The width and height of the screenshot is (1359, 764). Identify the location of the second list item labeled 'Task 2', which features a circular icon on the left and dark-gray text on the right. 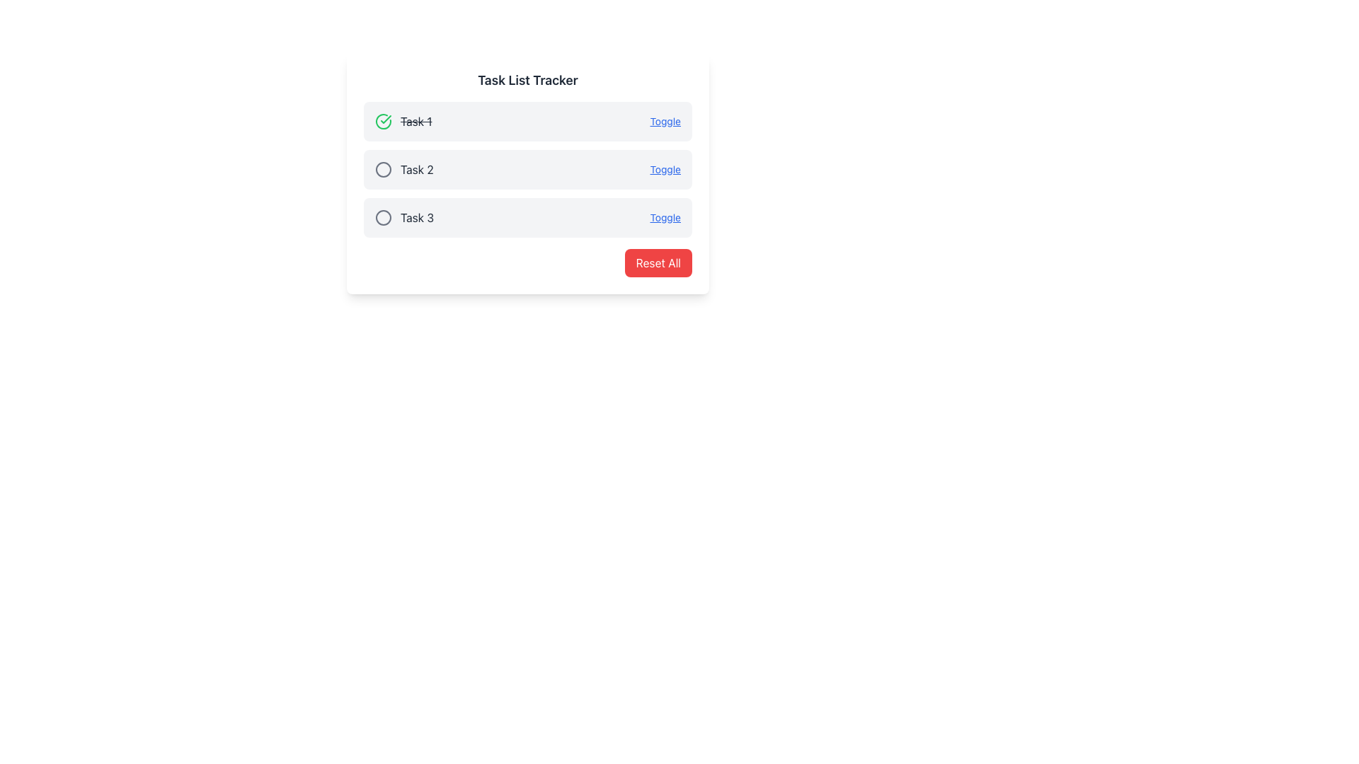
(403, 168).